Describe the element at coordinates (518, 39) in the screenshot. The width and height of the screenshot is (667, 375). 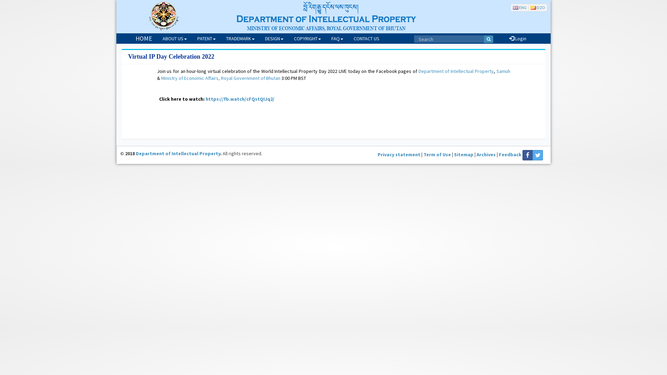
I see `'Login'` at that location.